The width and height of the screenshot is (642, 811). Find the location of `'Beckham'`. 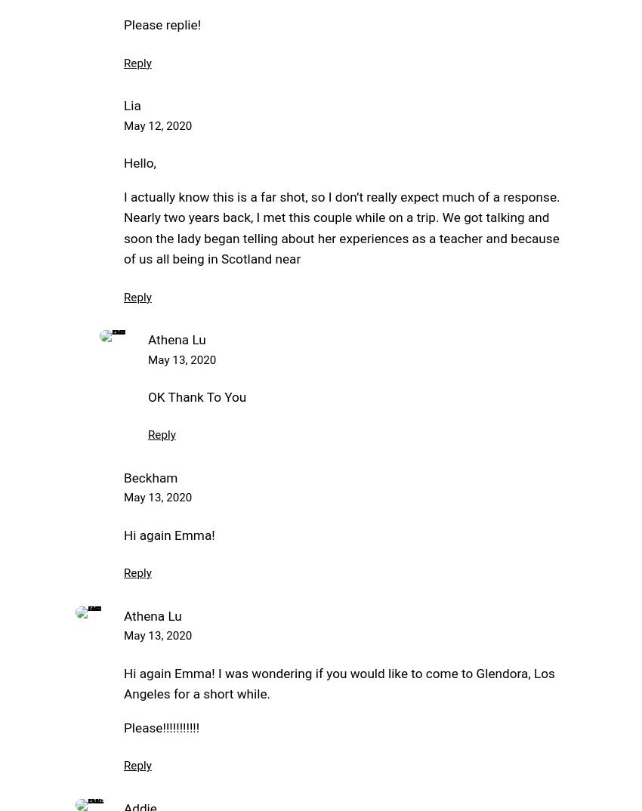

'Beckham' is located at coordinates (123, 477).